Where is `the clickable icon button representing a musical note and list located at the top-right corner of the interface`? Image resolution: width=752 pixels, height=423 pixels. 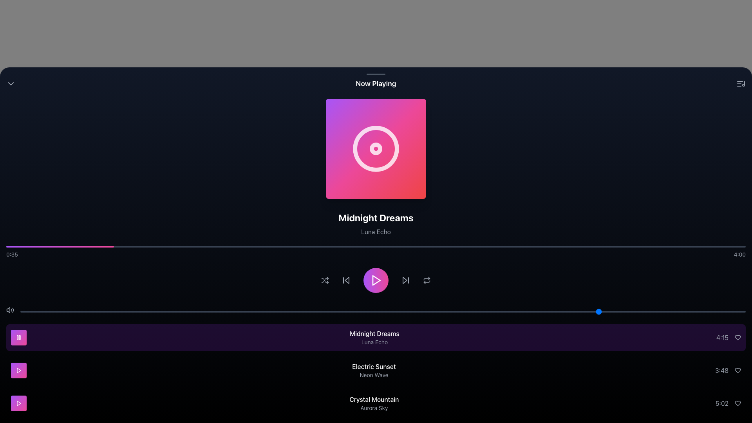
the clickable icon button representing a musical note and list located at the top-right corner of the interface is located at coordinates (740, 83).